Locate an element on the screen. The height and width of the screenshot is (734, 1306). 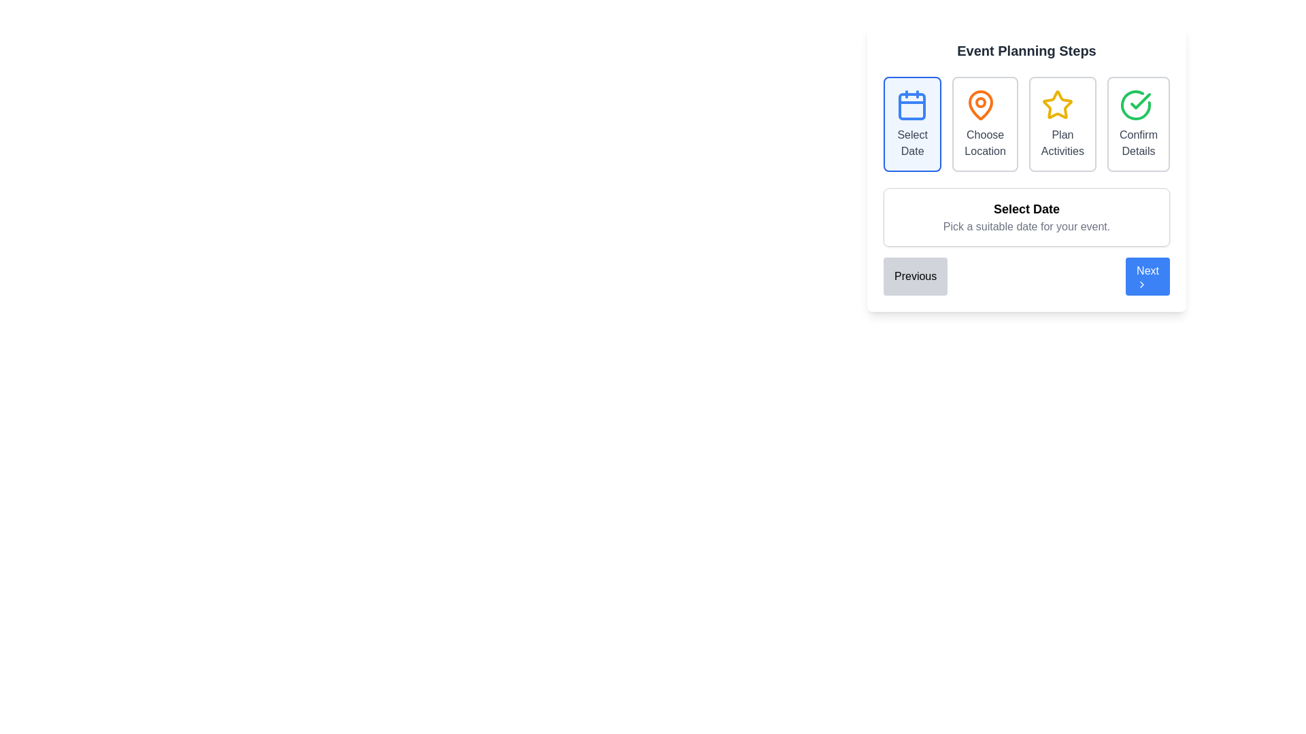
the visual representation of the orange pin icon, which is the second step in the horizontal progress indicator is located at coordinates (981, 104).